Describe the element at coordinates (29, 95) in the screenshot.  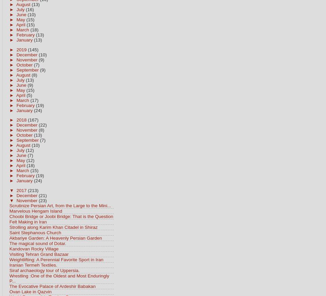
I see `'(5)'` at that location.